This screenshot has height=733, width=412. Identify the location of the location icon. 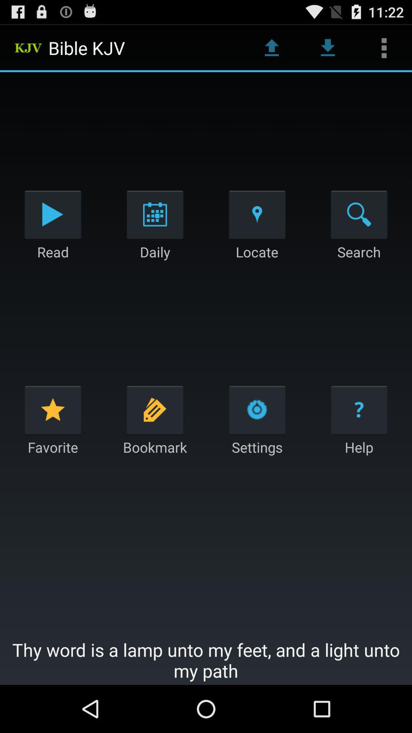
(257, 229).